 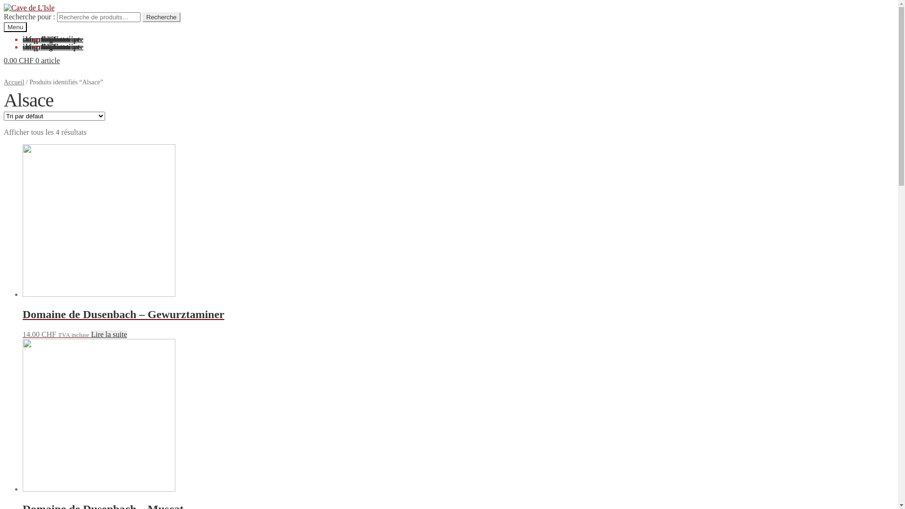 What do you see at coordinates (41, 47) in the screenshot?
I see `'CGV'` at bounding box center [41, 47].